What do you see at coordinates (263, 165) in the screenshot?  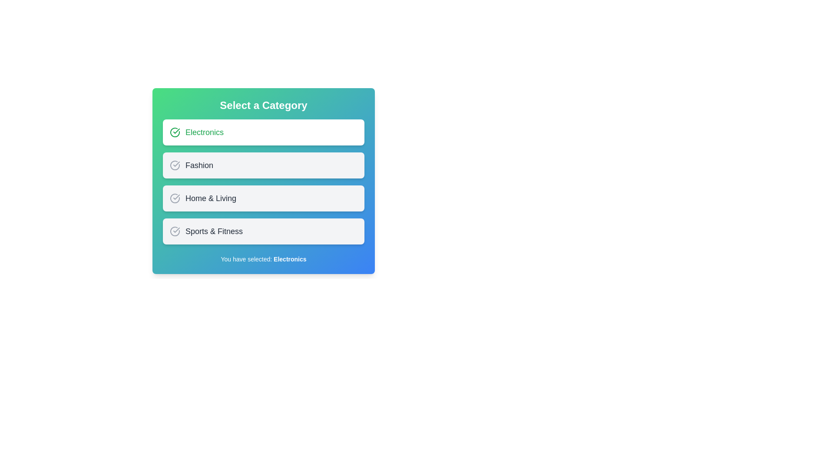 I see `the 'Fashion' category selection button, which is the second item in the vertical list of categories positioned below 'Electronics' and above 'Home & Living' and 'Sports & Fitness'` at bounding box center [263, 165].